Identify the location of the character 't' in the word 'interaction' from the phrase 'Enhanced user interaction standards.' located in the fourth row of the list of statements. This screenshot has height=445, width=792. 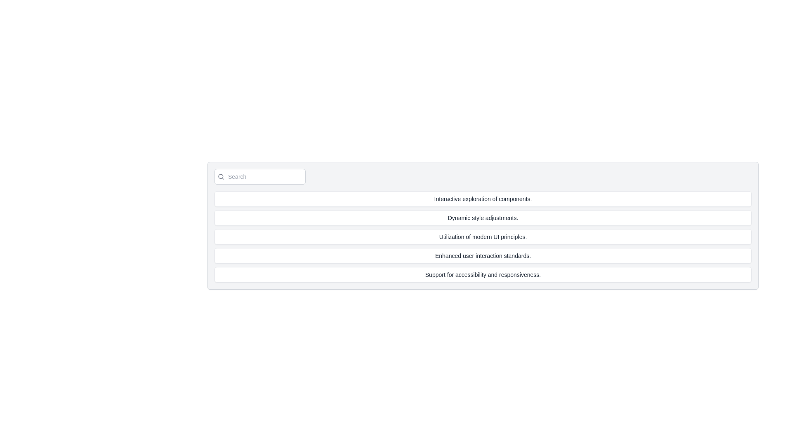
(481, 255).